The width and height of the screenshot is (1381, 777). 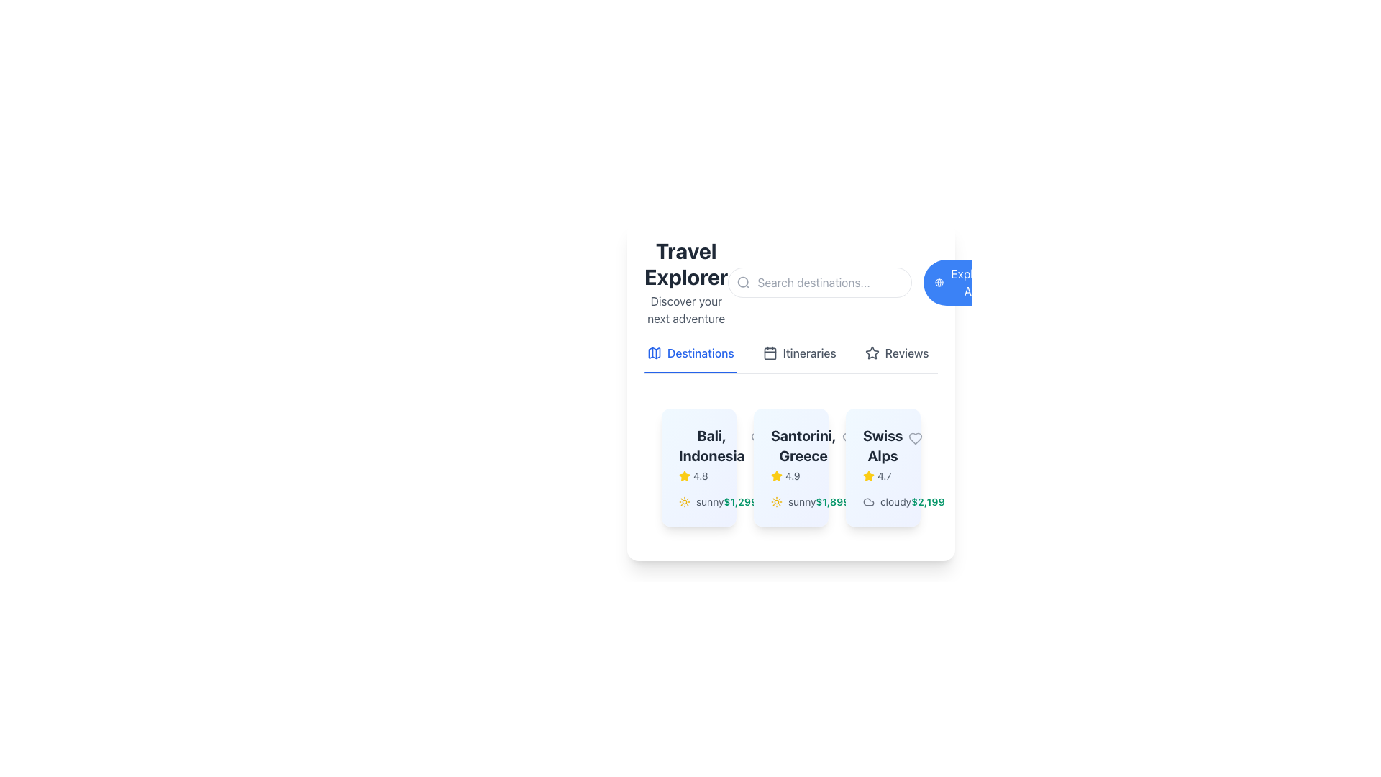 What do you see at coordinates (820, 283) in the screenshot?
I see `the search input field with rounded edges that has a placeholder text 'Search destinations...' to focus on it` at bounding box center [820, 283].